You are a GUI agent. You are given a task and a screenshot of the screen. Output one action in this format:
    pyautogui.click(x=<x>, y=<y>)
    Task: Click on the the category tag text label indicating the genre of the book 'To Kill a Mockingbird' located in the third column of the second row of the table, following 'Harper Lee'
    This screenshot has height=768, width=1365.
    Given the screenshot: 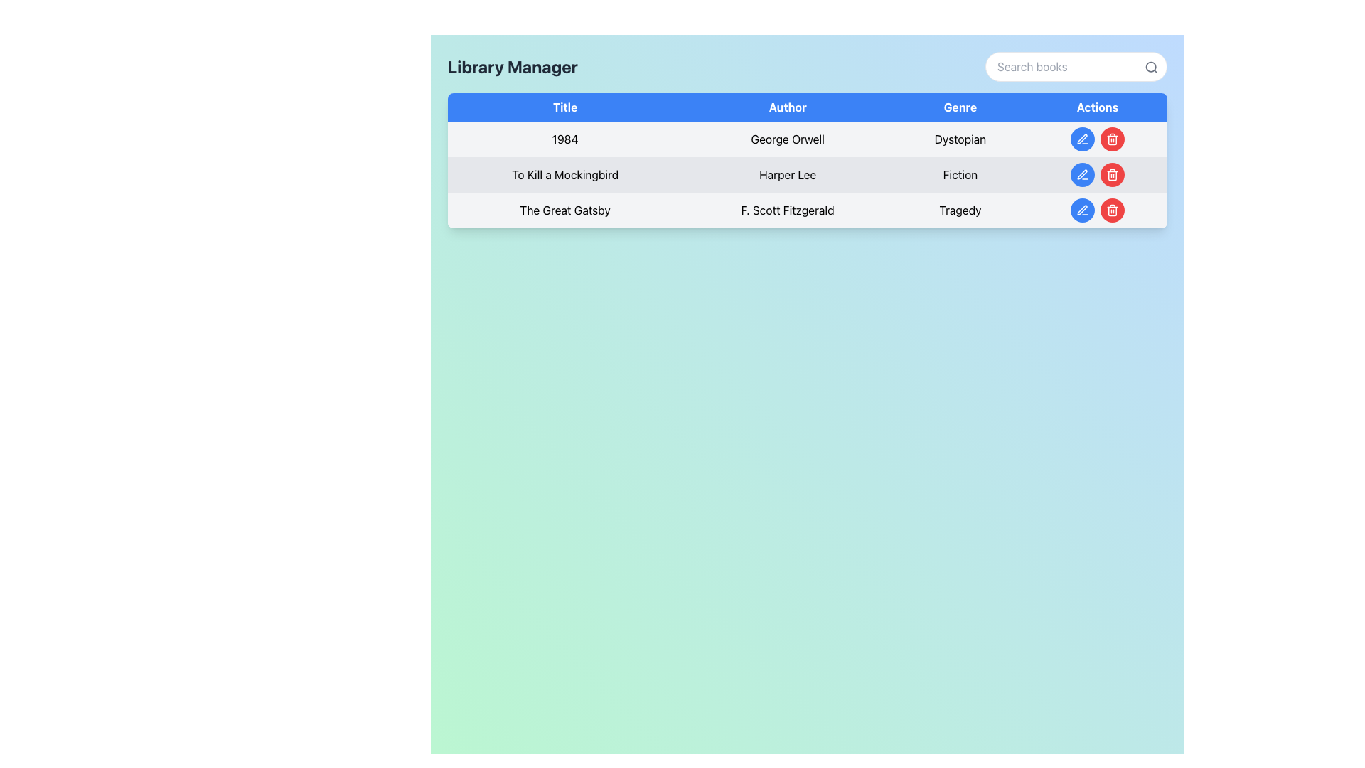 What is the action you would take?
    pyautogui.click(x=960, y=174)
    